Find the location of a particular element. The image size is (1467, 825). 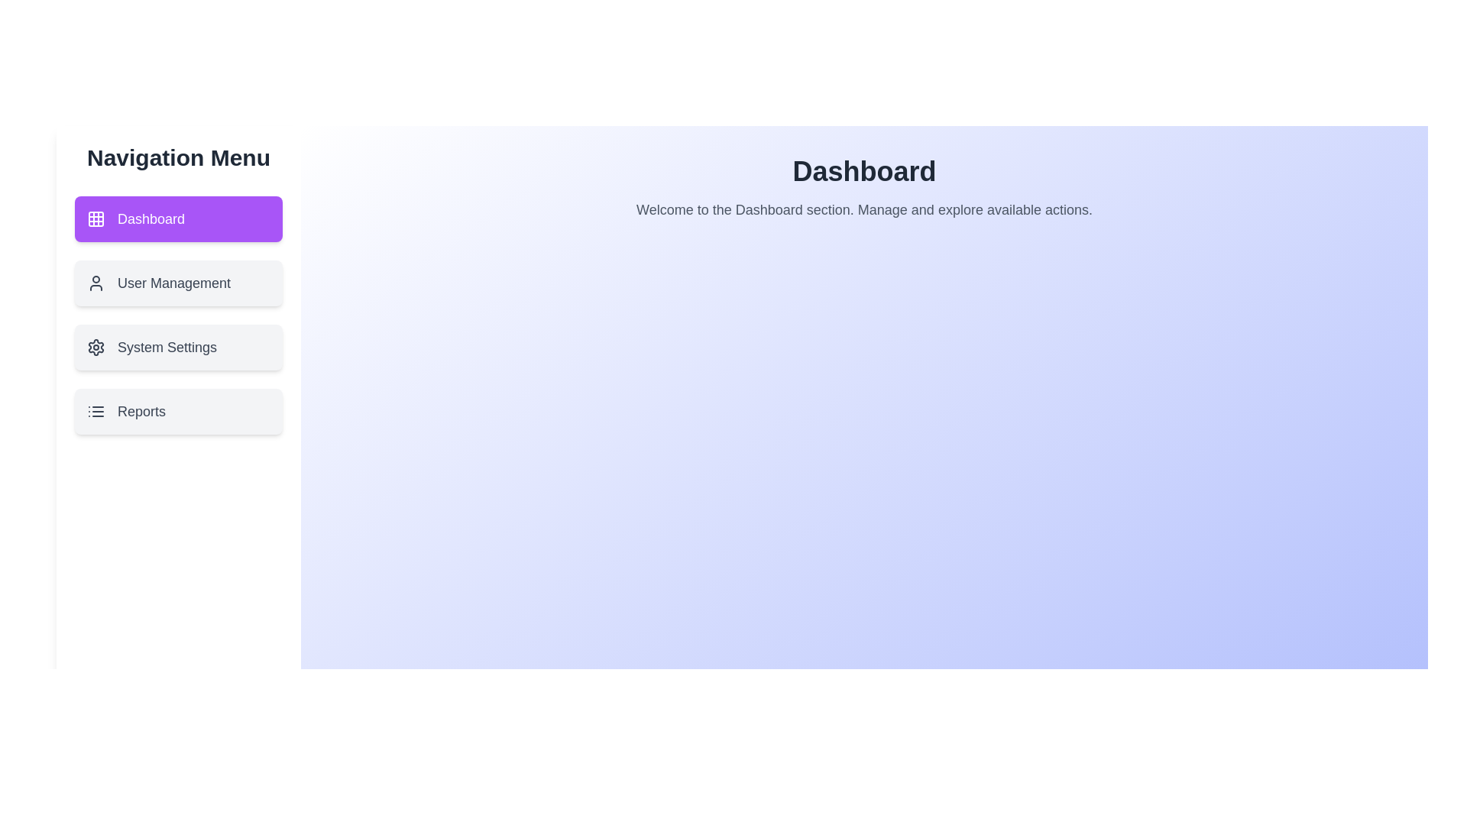

the menu item labeled System Settings to navigate to its corresponding section is located at coordinates (179, 348).